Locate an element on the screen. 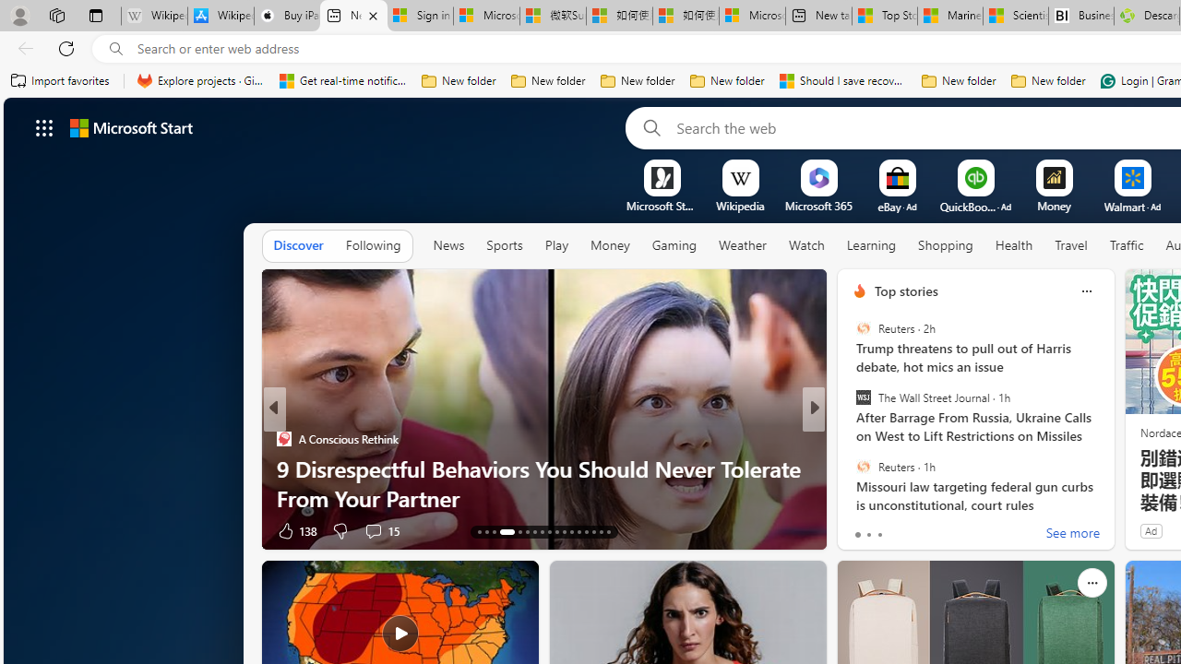 The image size is (1181, 664). 'Search icon' is located at coordinates (115, 48).